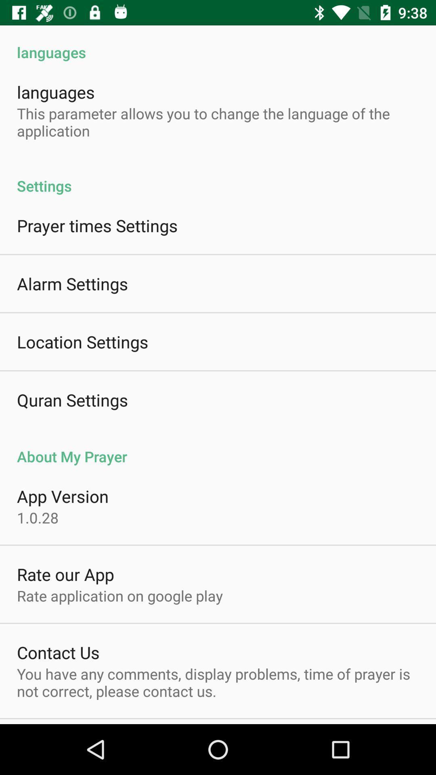 The height and width of the screenshot is (775, 436). I want to click on icon below contact us item, so click(218, 682).